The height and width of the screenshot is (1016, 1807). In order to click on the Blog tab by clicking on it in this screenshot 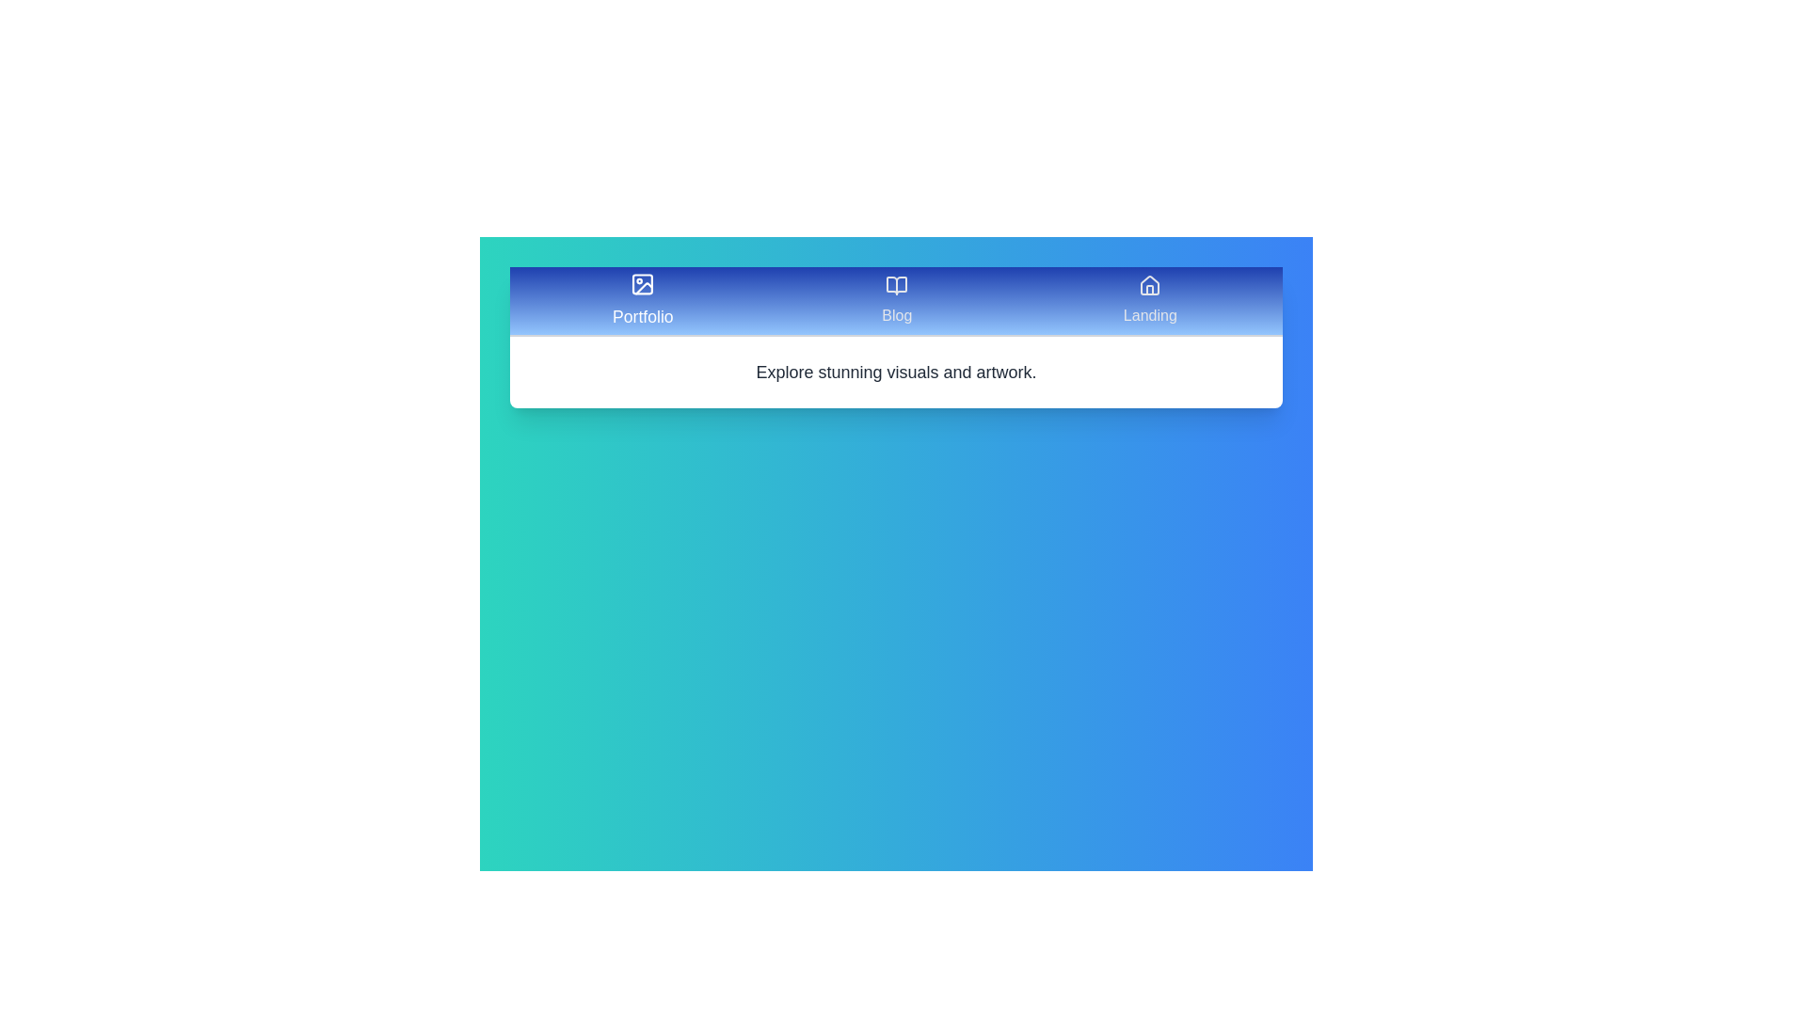, I will do `click(896, 300)`.